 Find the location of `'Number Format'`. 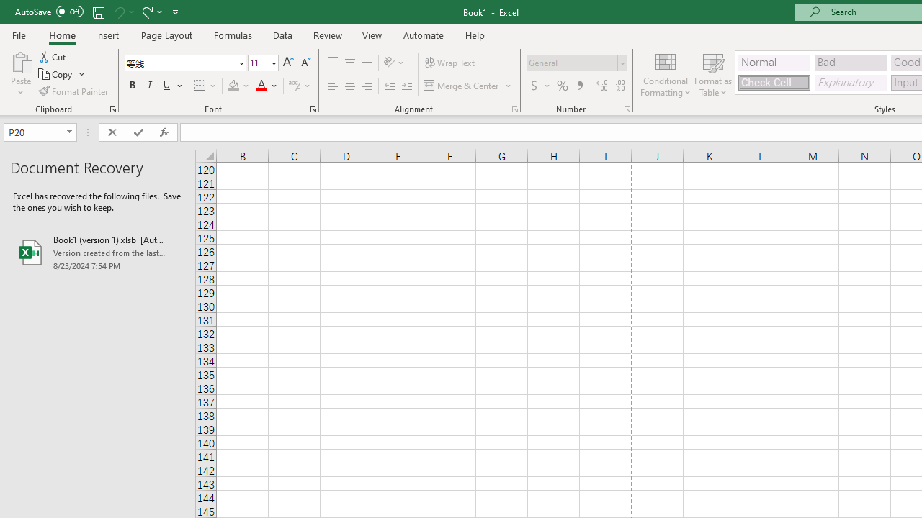

'Number Format' is located at coordinates (571, 62).